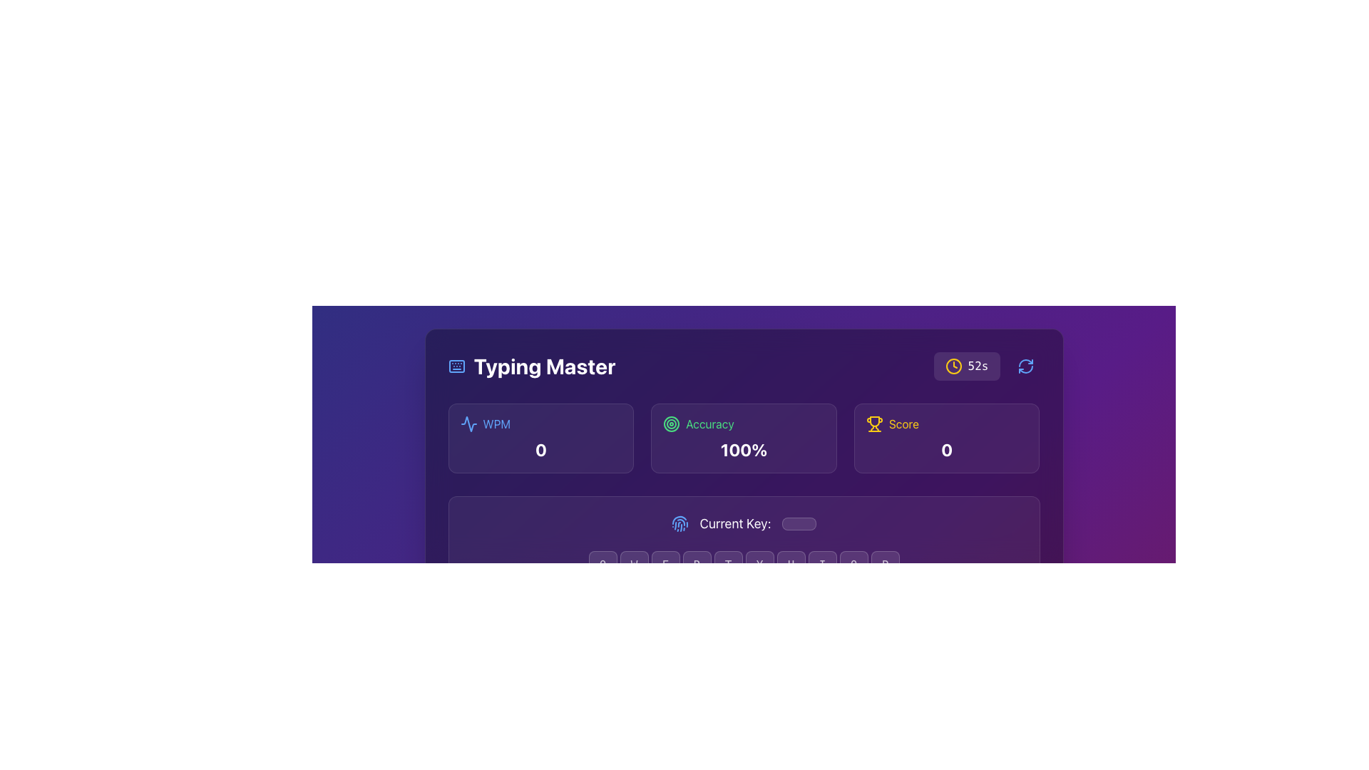 The height and width of the screenshot is (770, 1369). What do you see at coordinates (743, 632) in the screenshot?
I see `the square button with a rounded border, light gray in color, displaying the letter 'V' in white font, which is the fourth button in a horizontal row of buttons spelling 'ZXCVBNM'` at bounding box center [743, 632].